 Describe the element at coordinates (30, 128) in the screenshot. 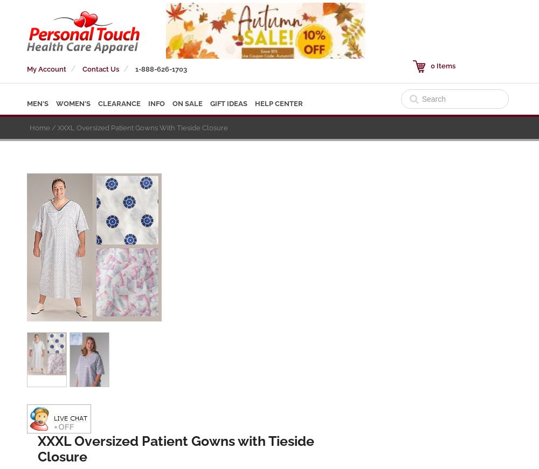

I see `'home'` at that location.